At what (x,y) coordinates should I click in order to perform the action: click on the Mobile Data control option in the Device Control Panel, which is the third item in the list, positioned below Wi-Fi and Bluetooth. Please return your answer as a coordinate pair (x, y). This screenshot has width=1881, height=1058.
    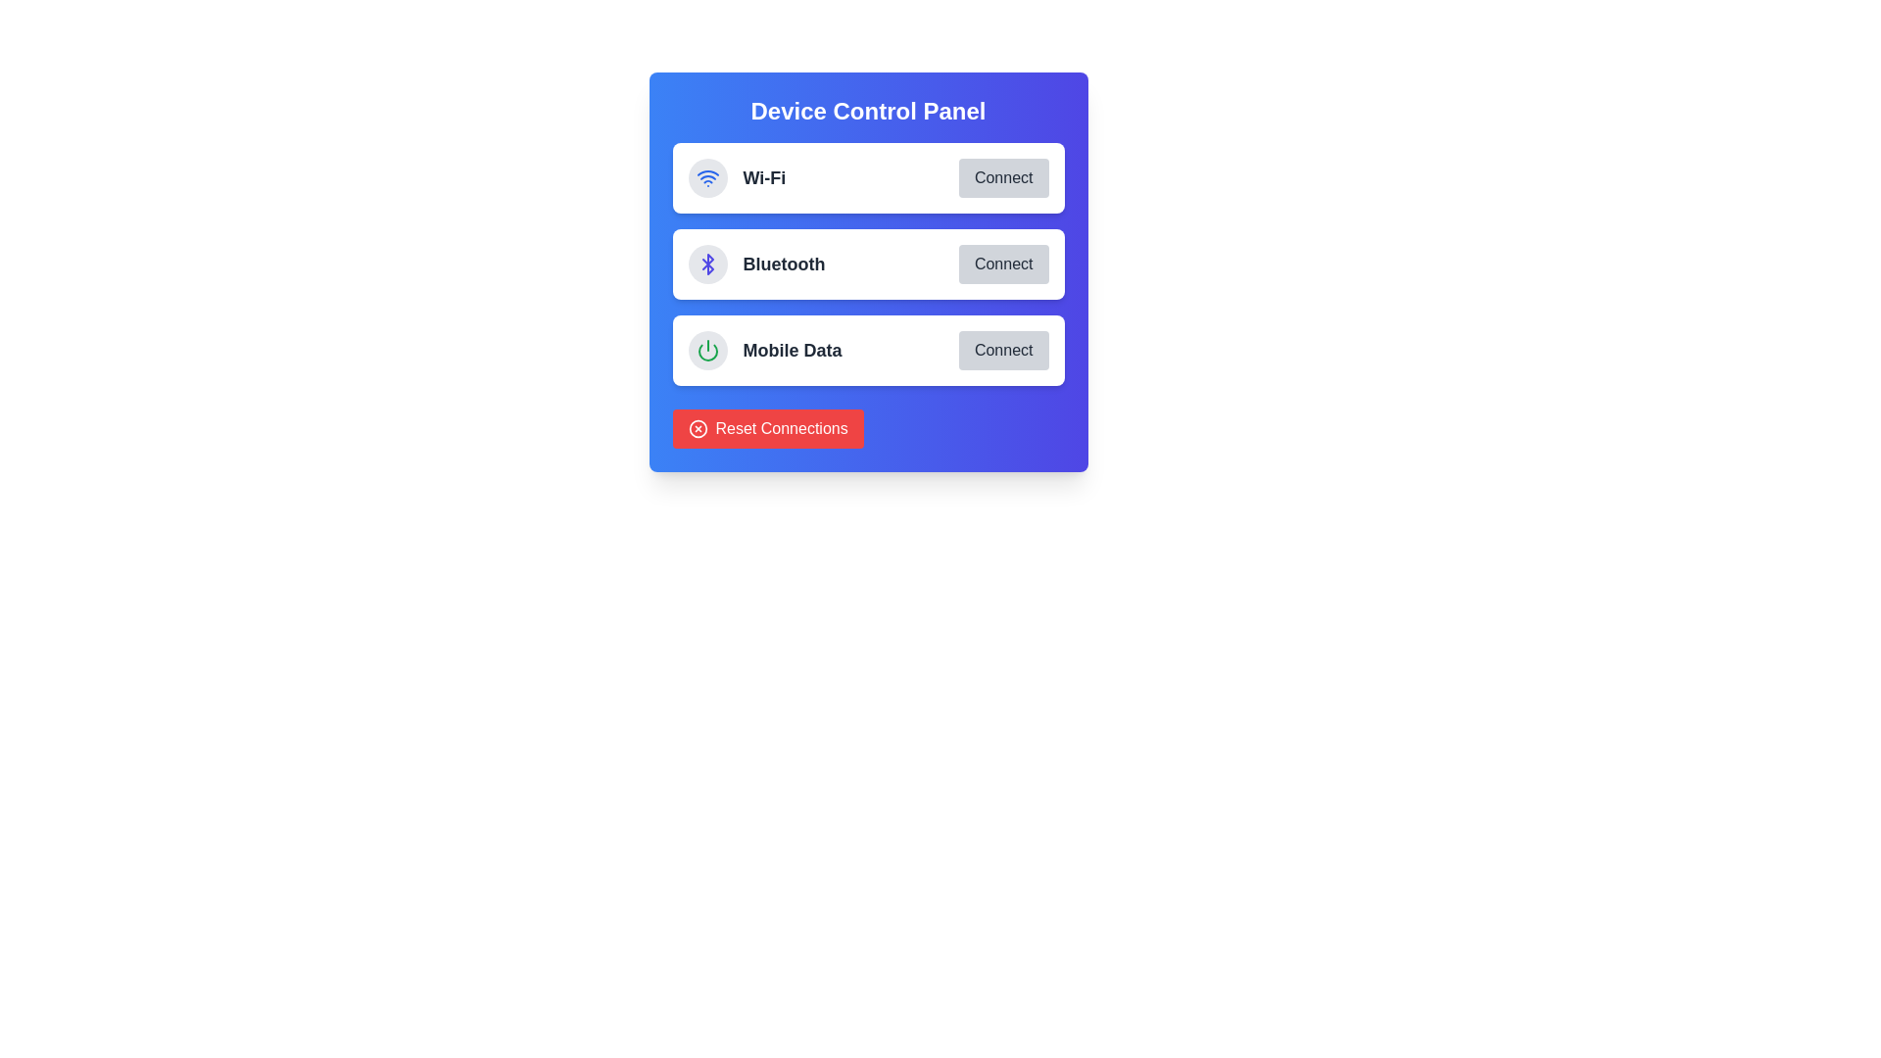
    Looking at the image, I should click on (867, 350).